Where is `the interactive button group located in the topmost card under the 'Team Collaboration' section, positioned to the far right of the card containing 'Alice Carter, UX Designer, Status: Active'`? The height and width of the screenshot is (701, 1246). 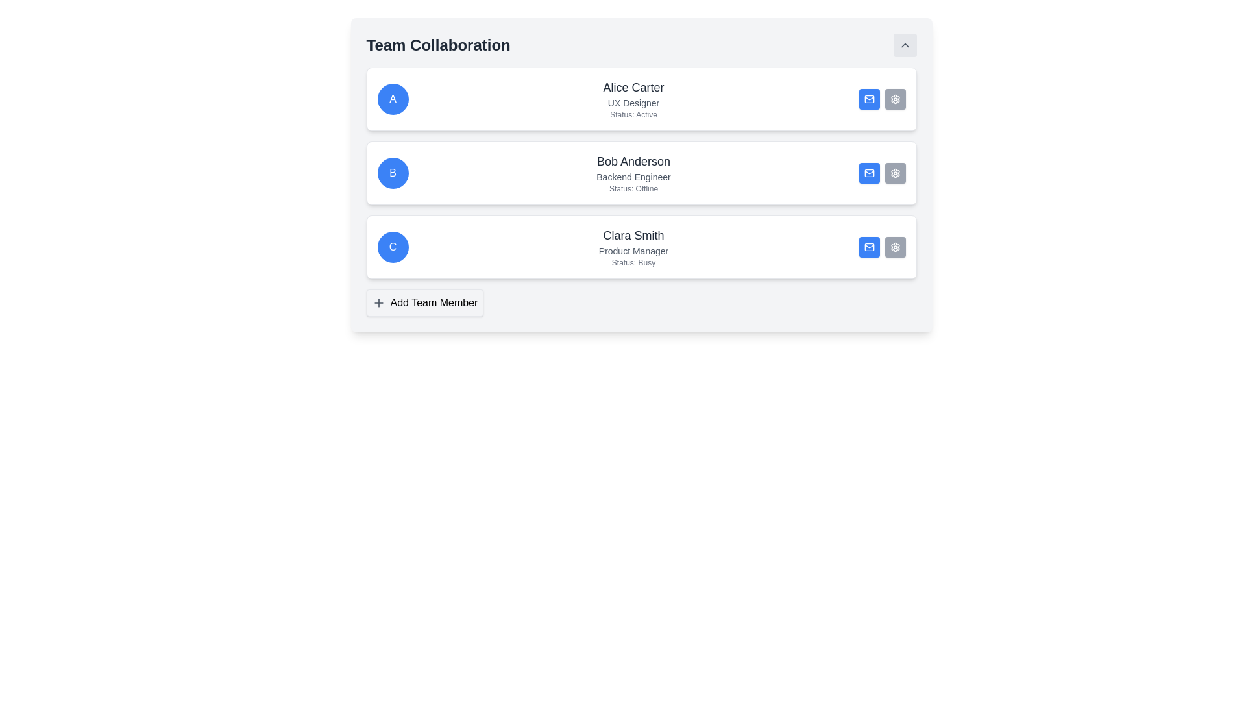
the interactive button group located in the topmost card under the 'Team Collaboration' section, positioned to the far right of the card containing 'Alice Carter, UX Designer, Status: Active' is located at coordinates (882, 99).